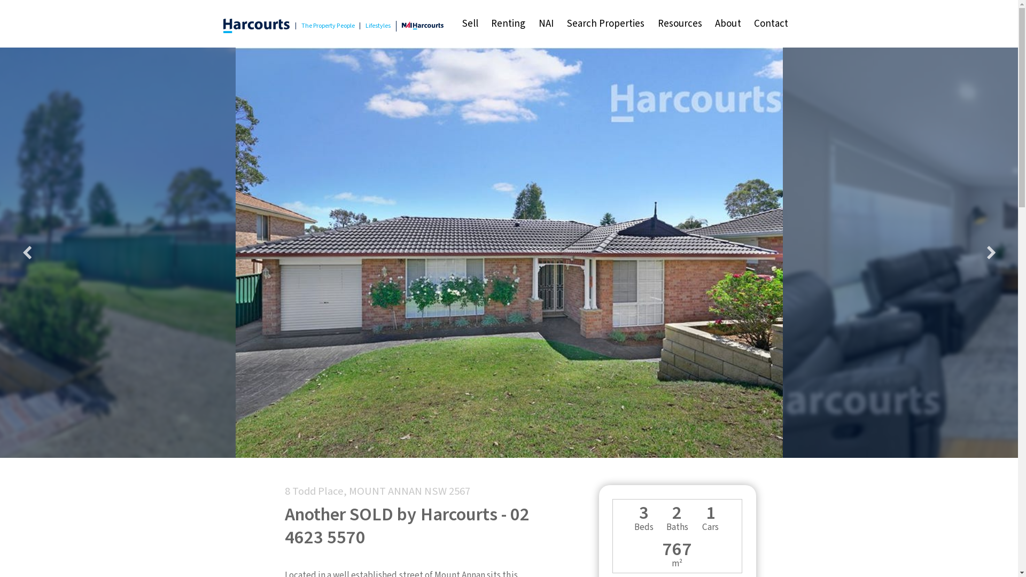  I want to click on 'NAI', so click(546, 24).